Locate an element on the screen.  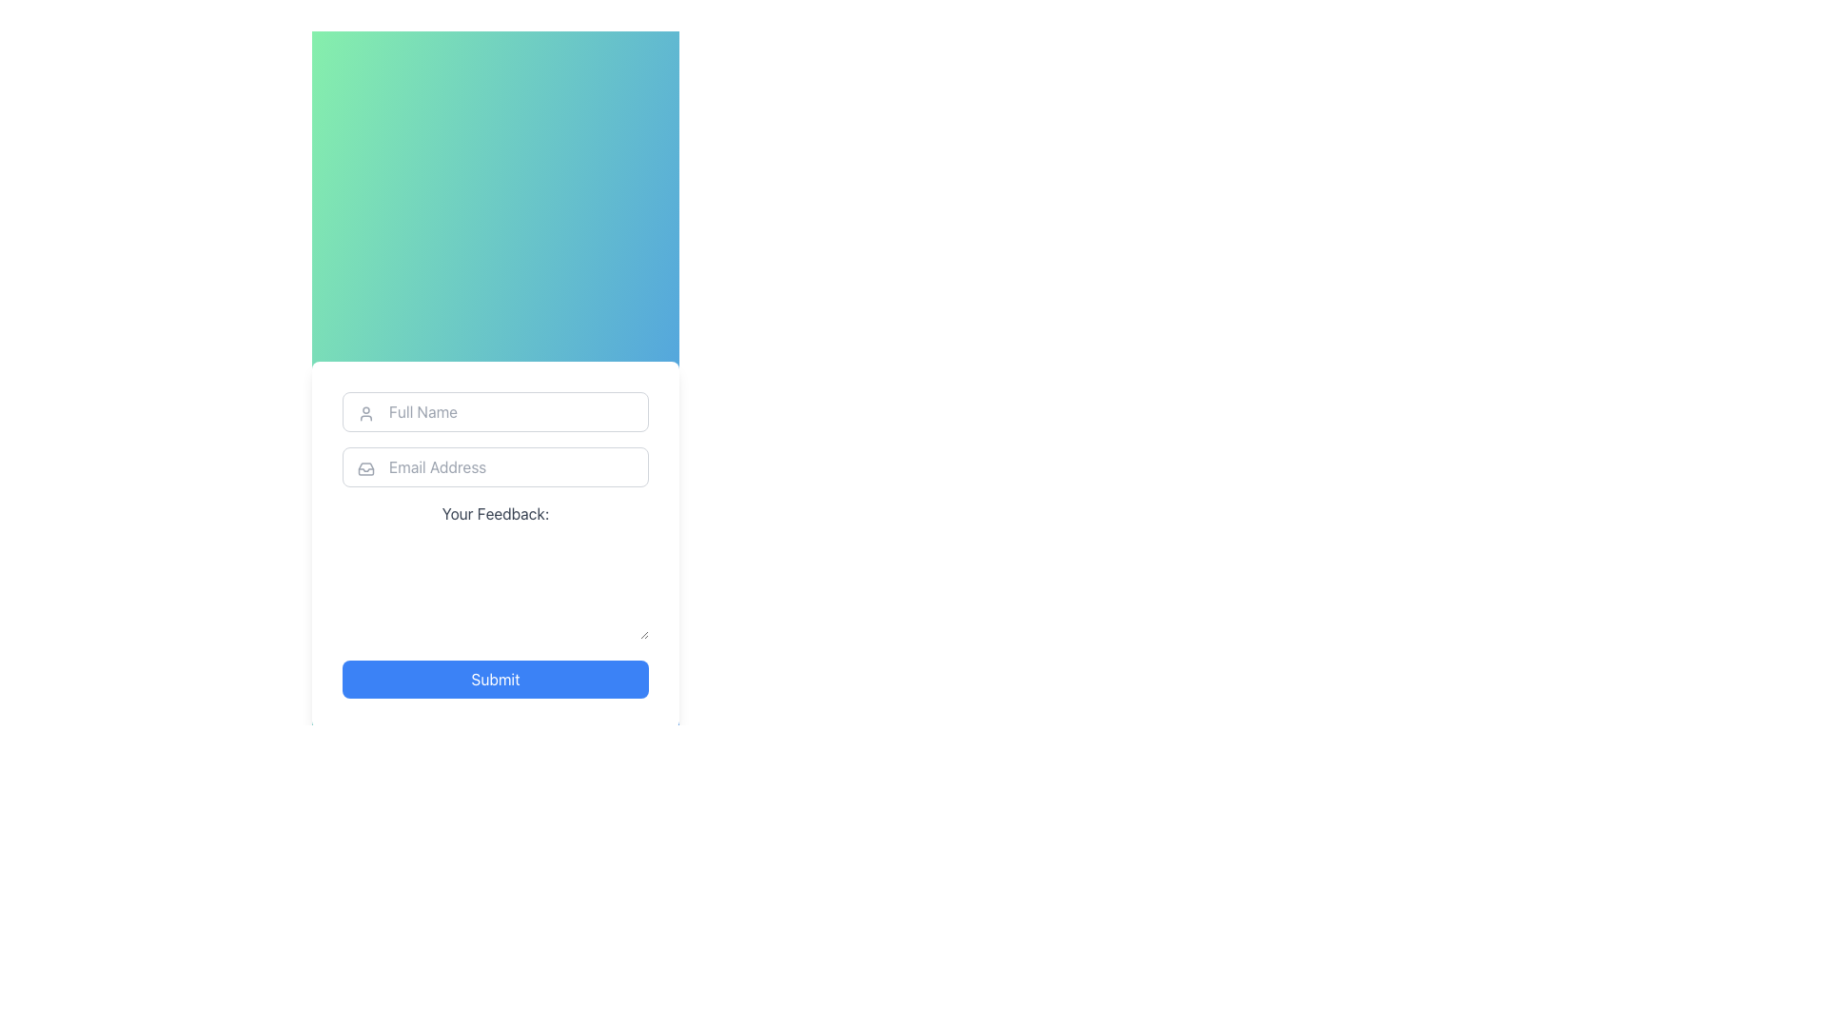
the Icon component that visually represents an inbox or envelope, associated with the 'Email Address' input field is located at coordinates (365, 469).